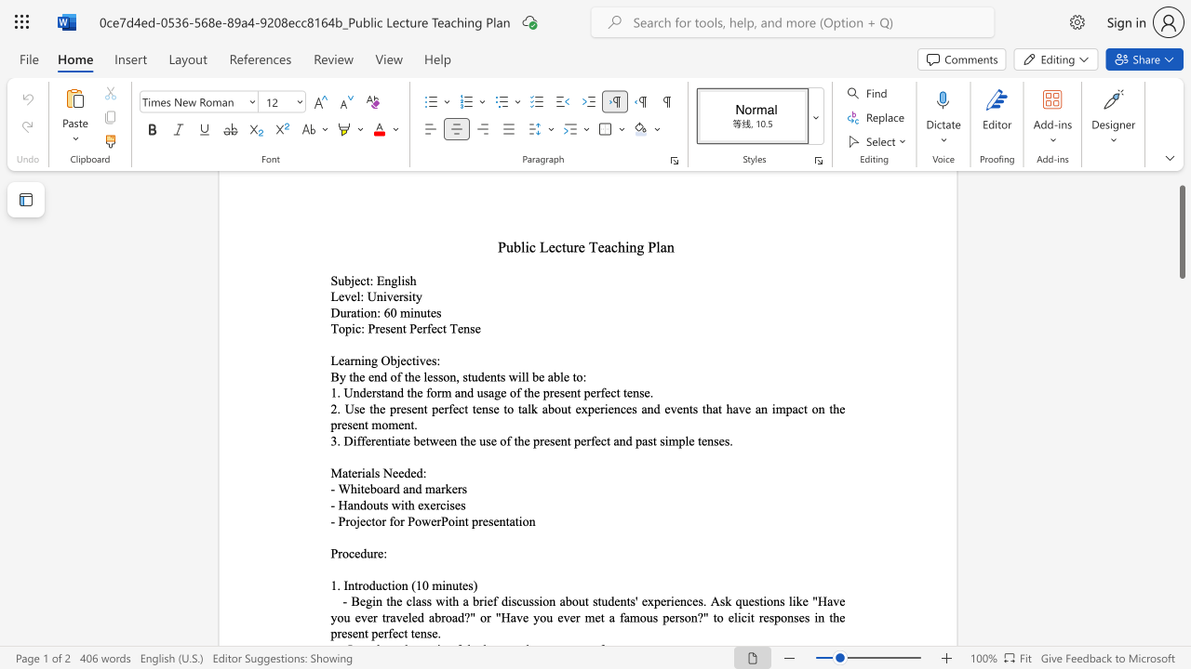  Describe the element at coordinates (1181, 230) in the screenshot. I see `the scrollbar and move down 140 pixels` at that location.